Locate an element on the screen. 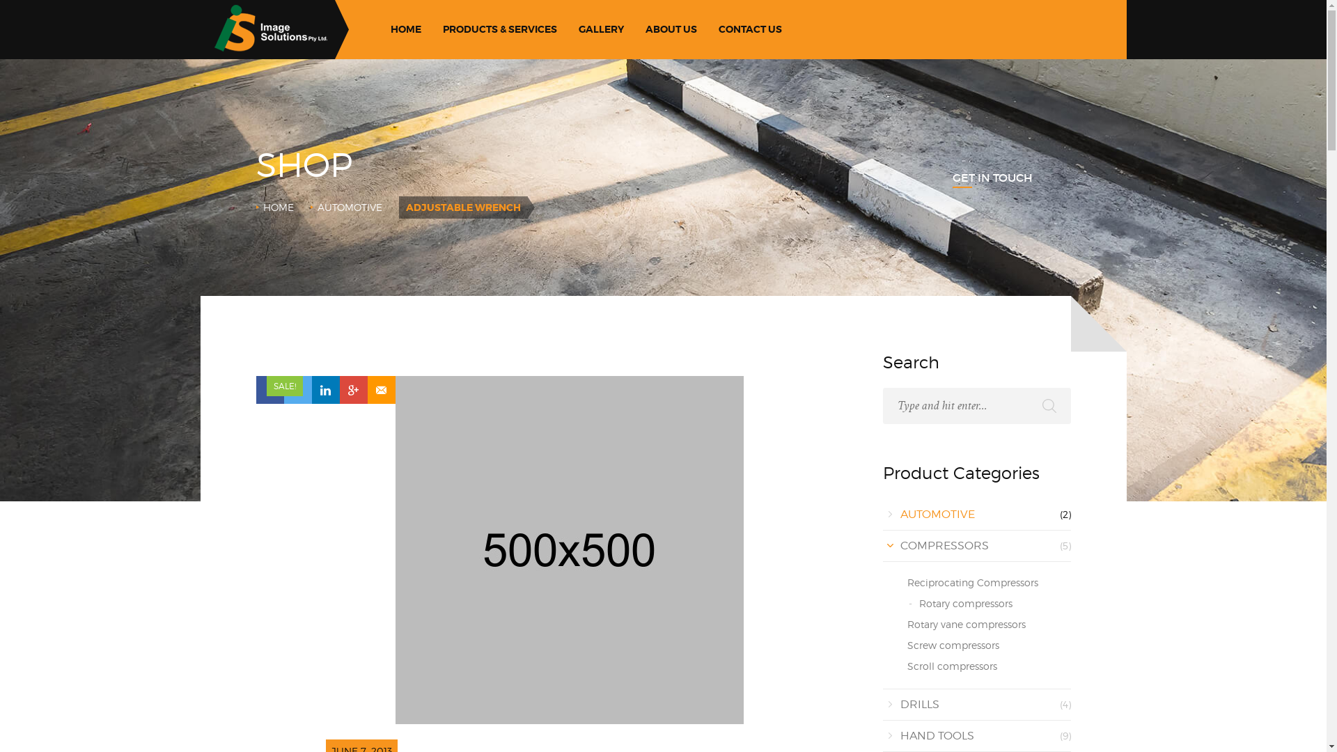  'GET IN TOUCH' is located at coordinates (952, 176).